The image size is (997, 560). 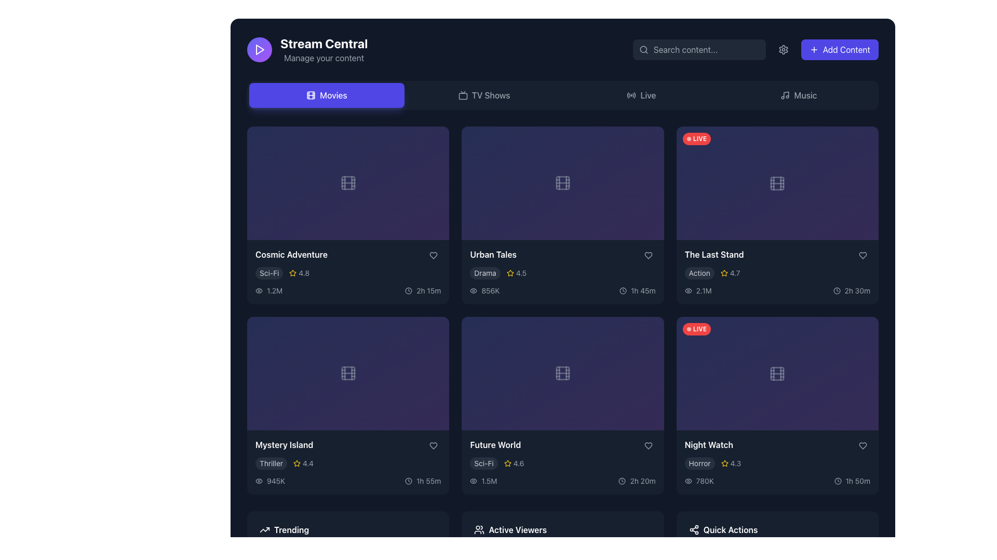 I want to click on the share icon, which resembles interconnected circular nodes forming a triangular pattern, located in the 'Quick Actions' section, so click(x=694, y=530).